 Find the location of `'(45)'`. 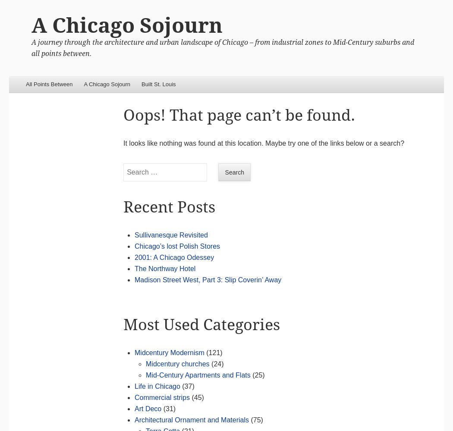

'(45)' is located at coordinates (197, 397).